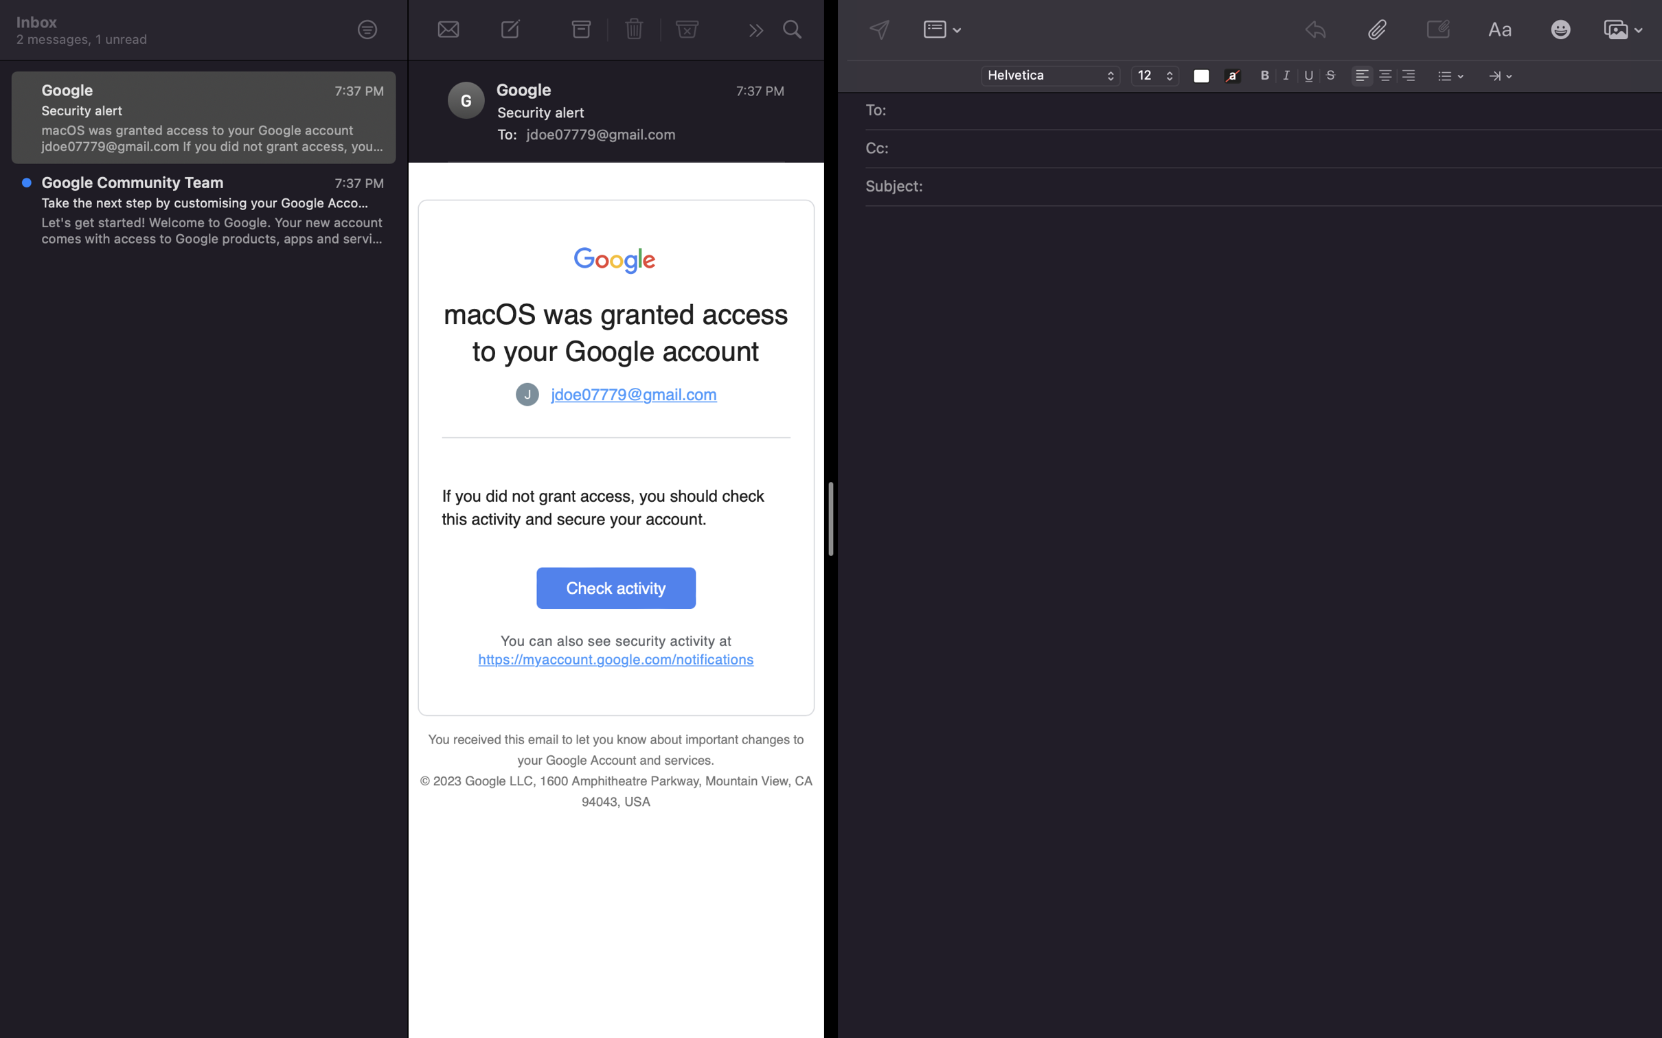 Image resolution: width=1662 pixels, height=1038 pixels. Describe the element at coordinates (1281, 187) in the screenshot. I see `Put the subject as "Application for job"` at that location.